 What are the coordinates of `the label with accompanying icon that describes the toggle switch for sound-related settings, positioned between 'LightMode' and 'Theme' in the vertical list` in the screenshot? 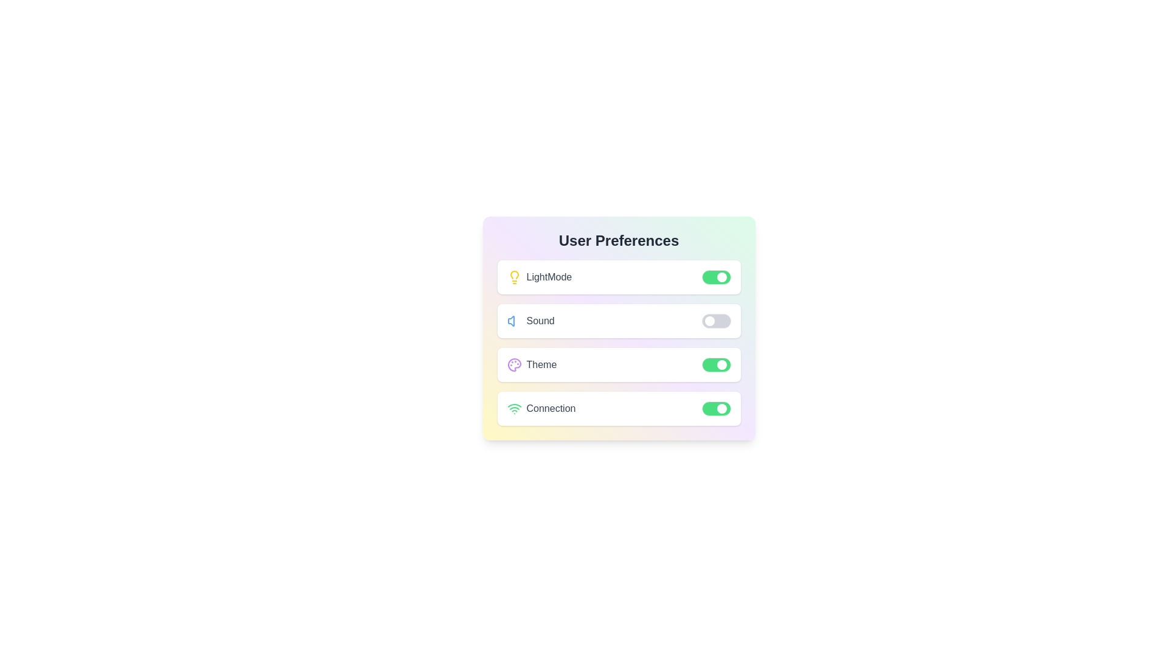 It's located at (530, 321).